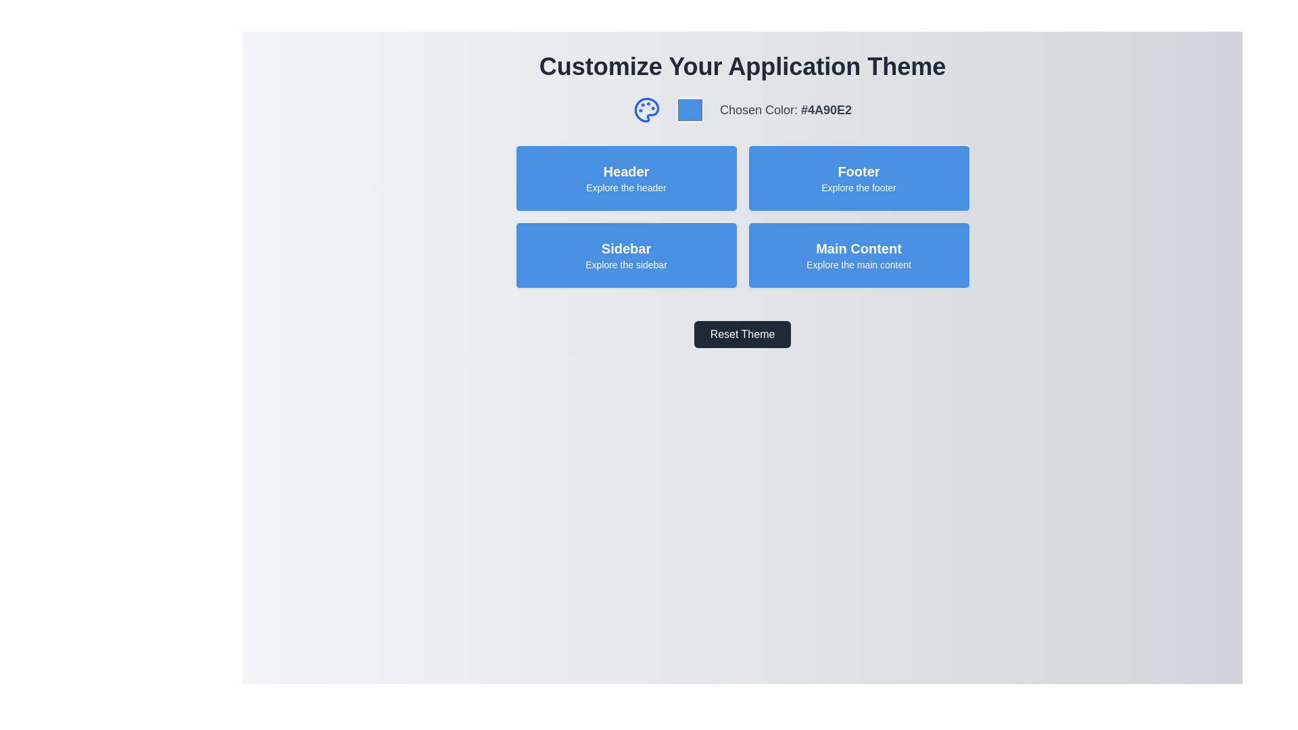  Describe the element at coordinates (858, 187) in the screenshot. I see `the text label displaying 'Explore the footer' which is contained within the blue 'Footer' block` at that location.